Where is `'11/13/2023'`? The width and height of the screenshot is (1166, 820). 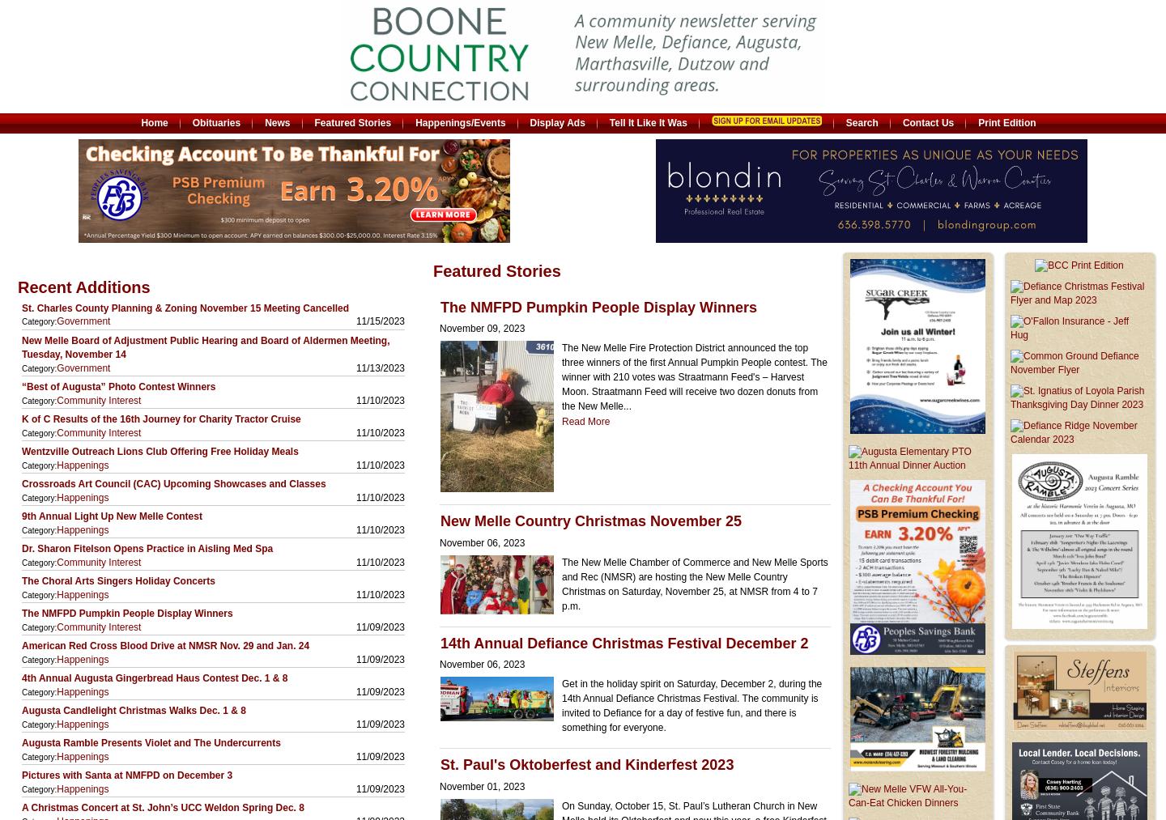 '11/13/2023' is located at coordinates (380, 367).